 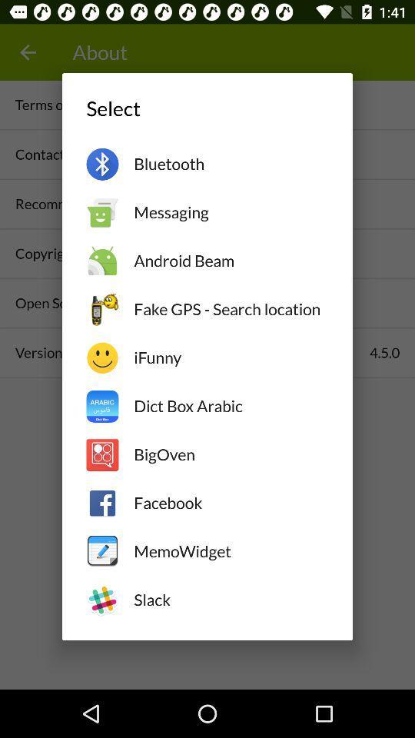 I want to click on the android beam, so click(x=230, y=261).